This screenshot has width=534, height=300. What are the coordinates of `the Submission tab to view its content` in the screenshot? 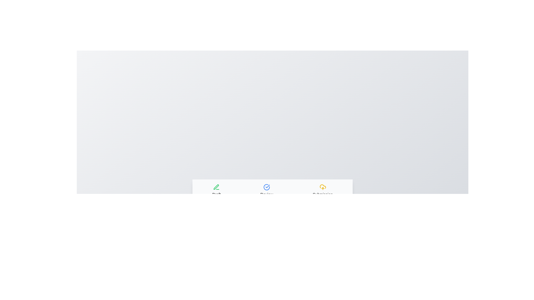 It's located at (323, 190).